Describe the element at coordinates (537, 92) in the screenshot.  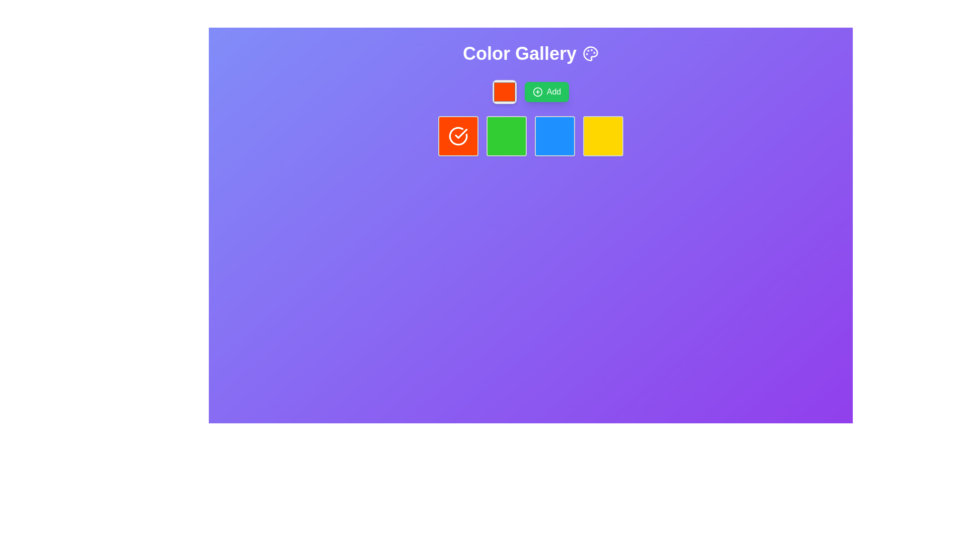
I see `the circular outline of the 'Add' button, which visually represents the ability to add items` at that location.